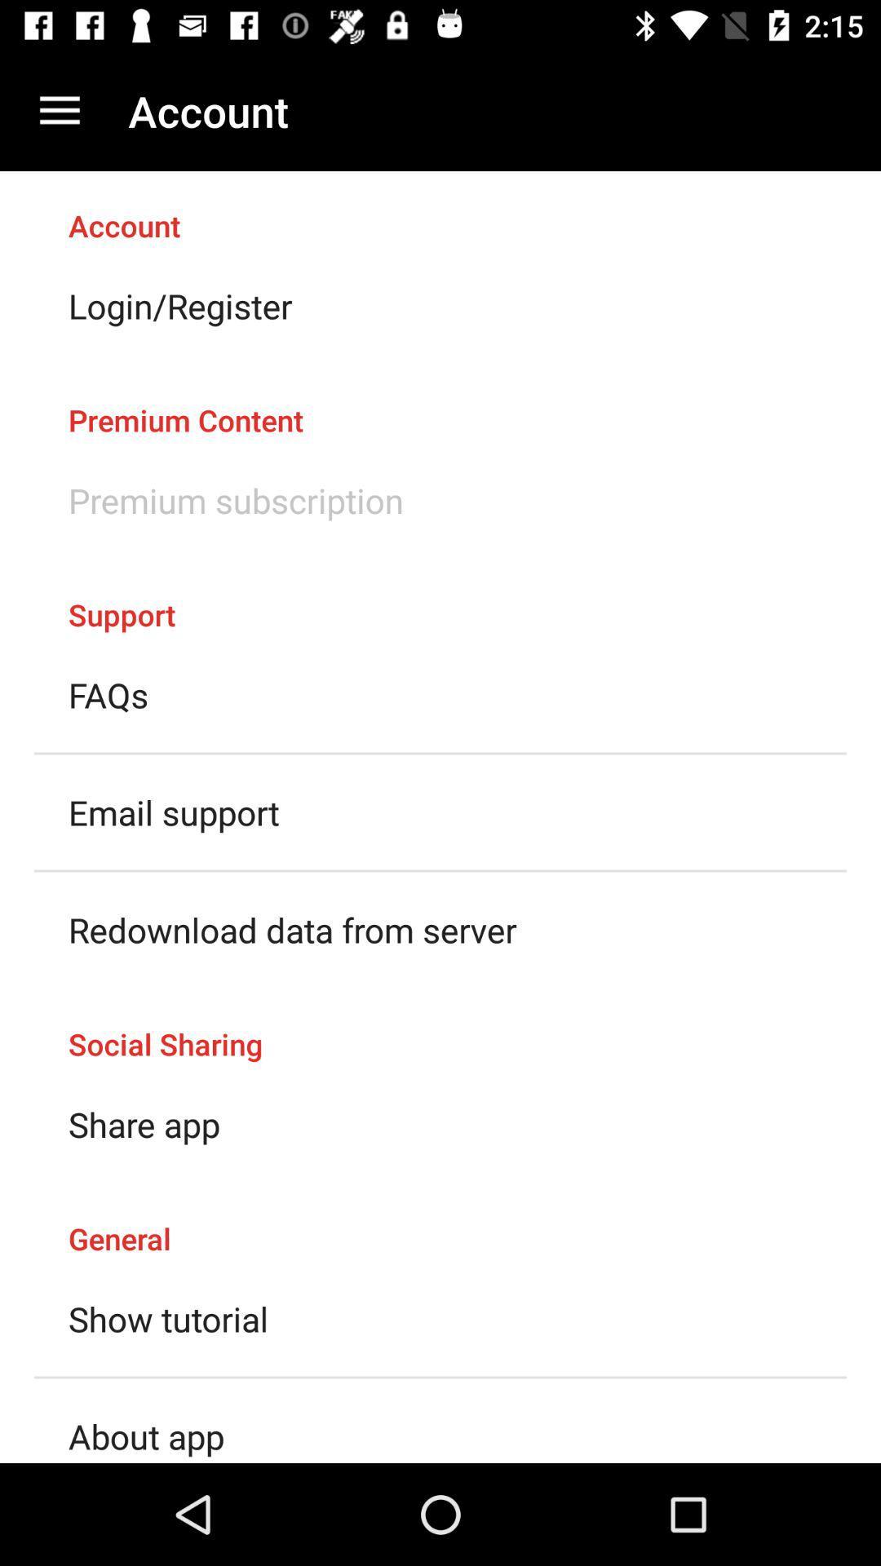 This screenshot has height=1566, width=881. What do you see at coordinates (144, 1123) in the screenshot?
I see `the share app` at bounding box center [144, 1123].